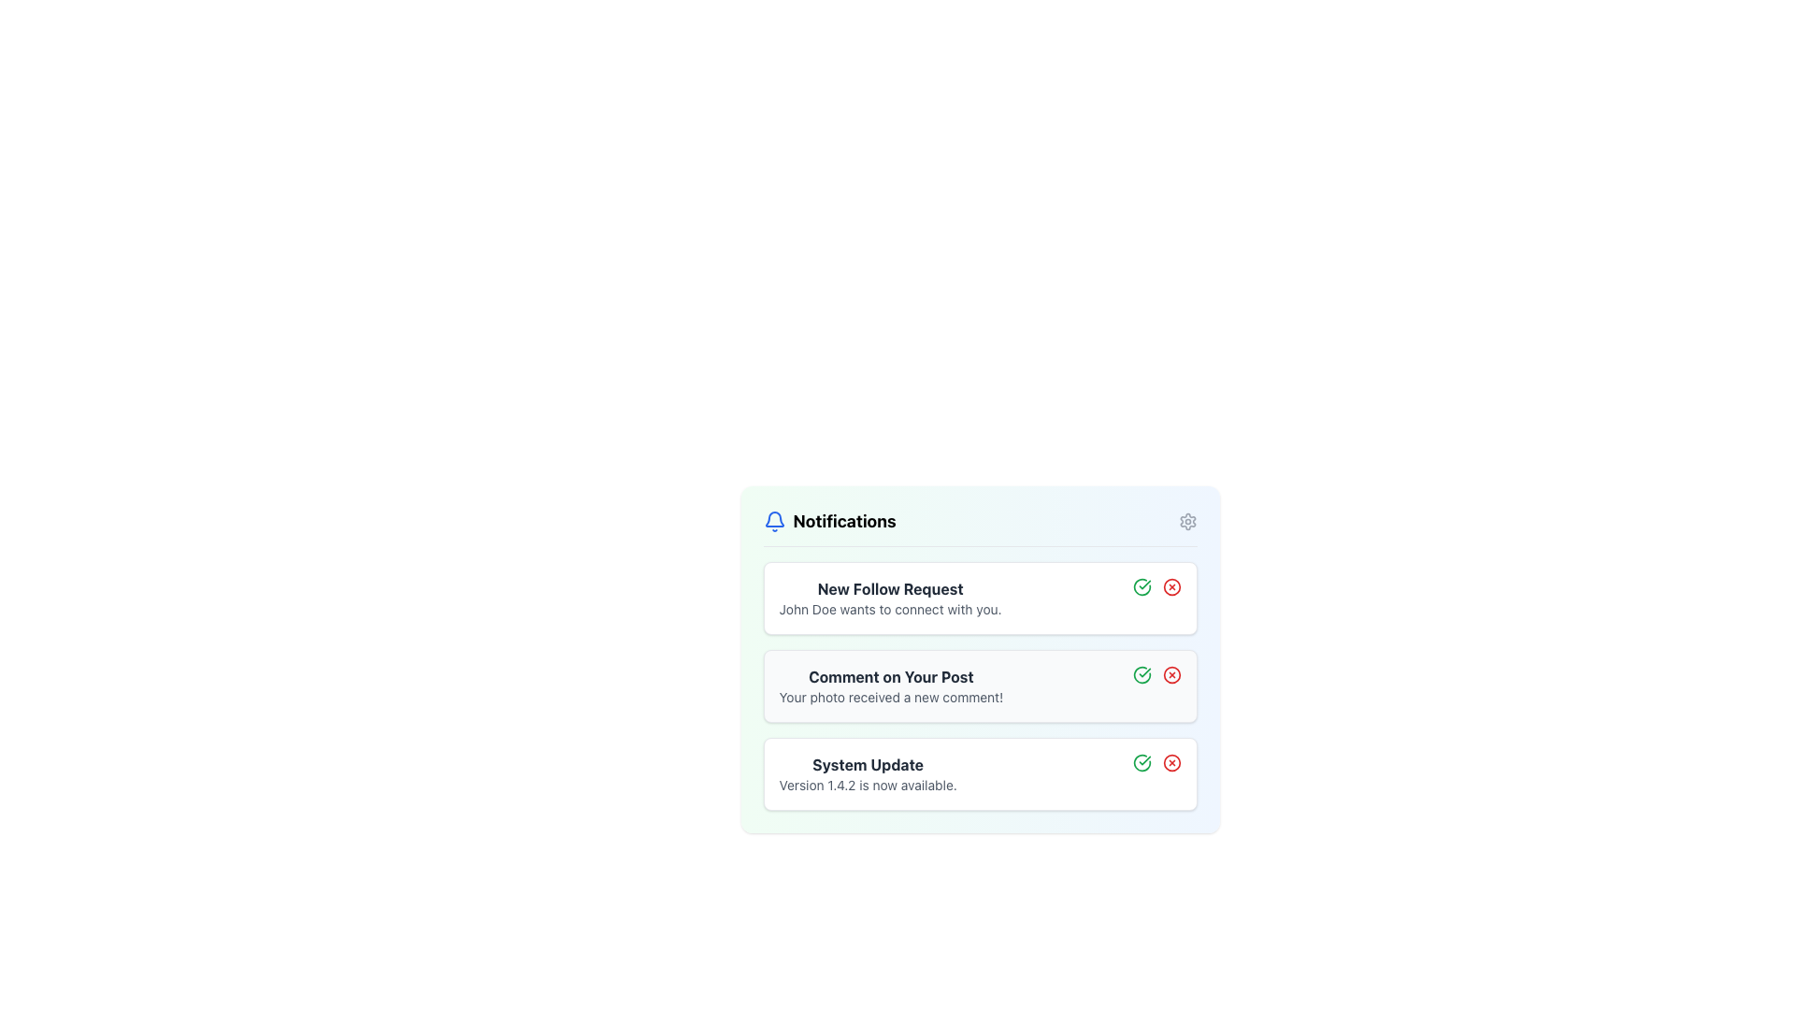  What do you see at coordinates (890, 697) in the screenshot?
I see `message content of the text label indicating a new comment on the user's photo, which is centrally aligned beneath the header 'Comment on Your Post'` at bounding box center [890, 697].